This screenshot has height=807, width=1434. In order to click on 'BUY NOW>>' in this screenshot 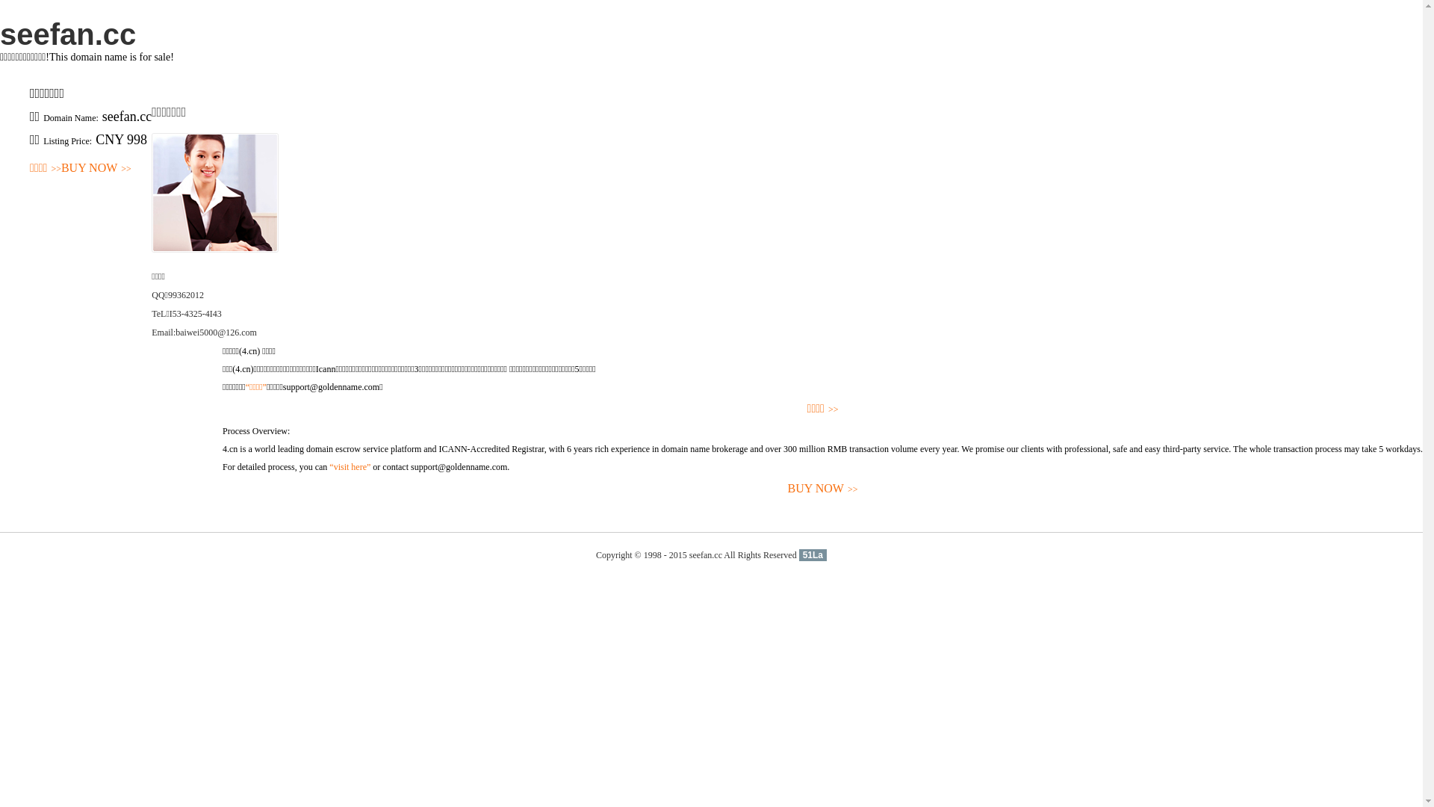, I will do `click(60, 168)`.